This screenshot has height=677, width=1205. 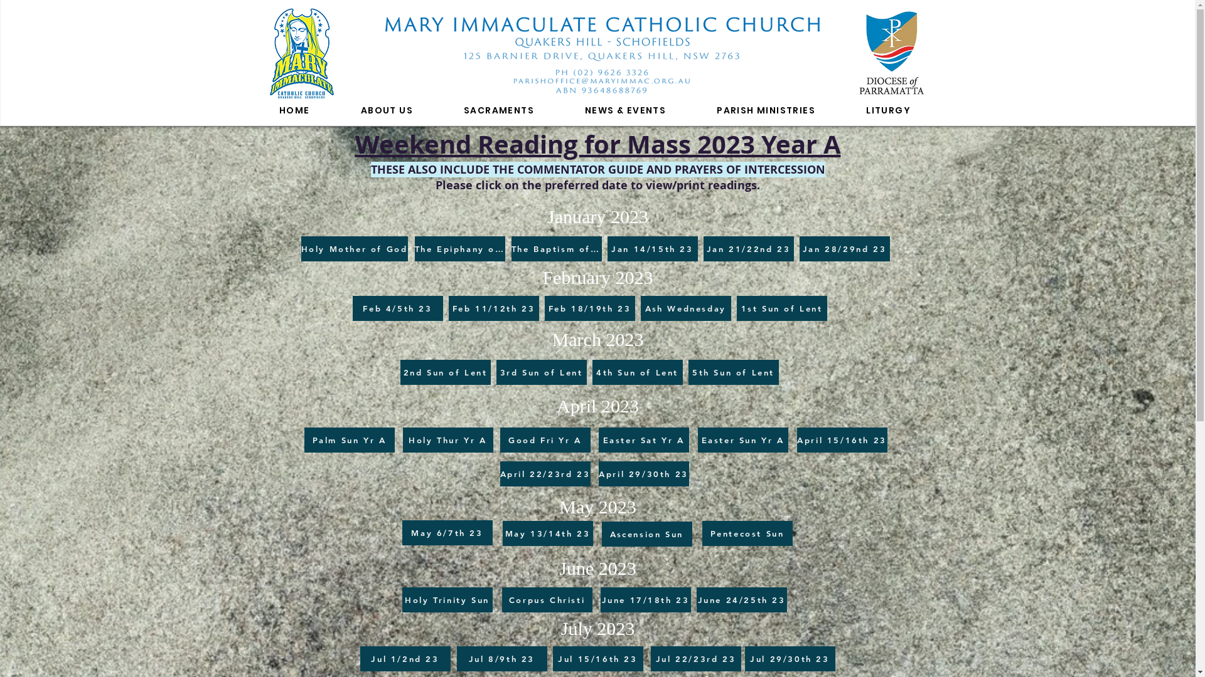 What do you see at coordinates (493, 308) in the screenshot?
I see `'Feb 11/12th 23'` at bounding box center [493, 308].